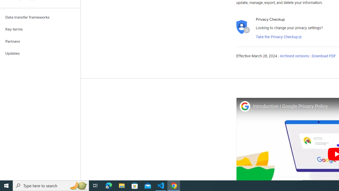 This screenshot has width=339, height=191. I want to click on 'Download PDF', so click(323, 56).